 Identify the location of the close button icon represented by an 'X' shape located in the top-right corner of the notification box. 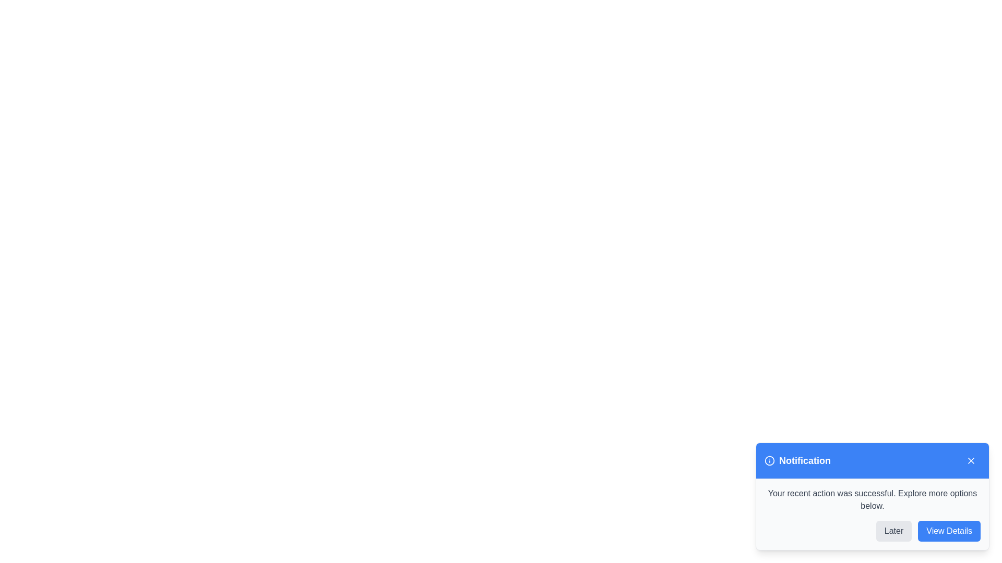
(971, 460).